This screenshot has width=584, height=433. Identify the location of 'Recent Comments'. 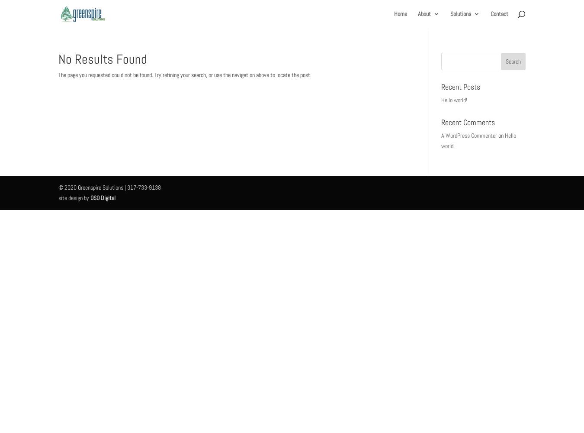
(467, 122).